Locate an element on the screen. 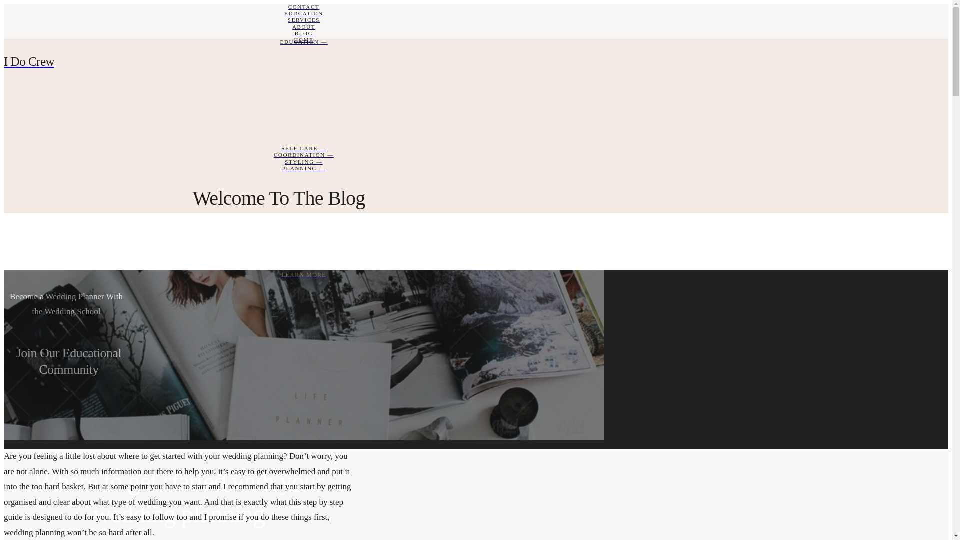 The height and width of the screenshot is (540, 960). 'LEARN MORE' is located at coordinates (4, 275).